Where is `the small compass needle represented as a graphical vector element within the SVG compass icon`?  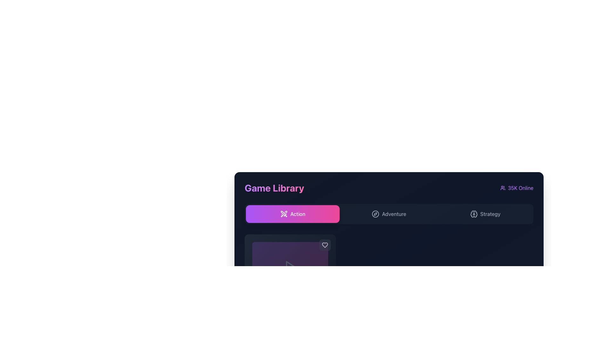 the small compass needle represented as a graphical vector element within the SVG compass icon is located at coordinates (376, 214).